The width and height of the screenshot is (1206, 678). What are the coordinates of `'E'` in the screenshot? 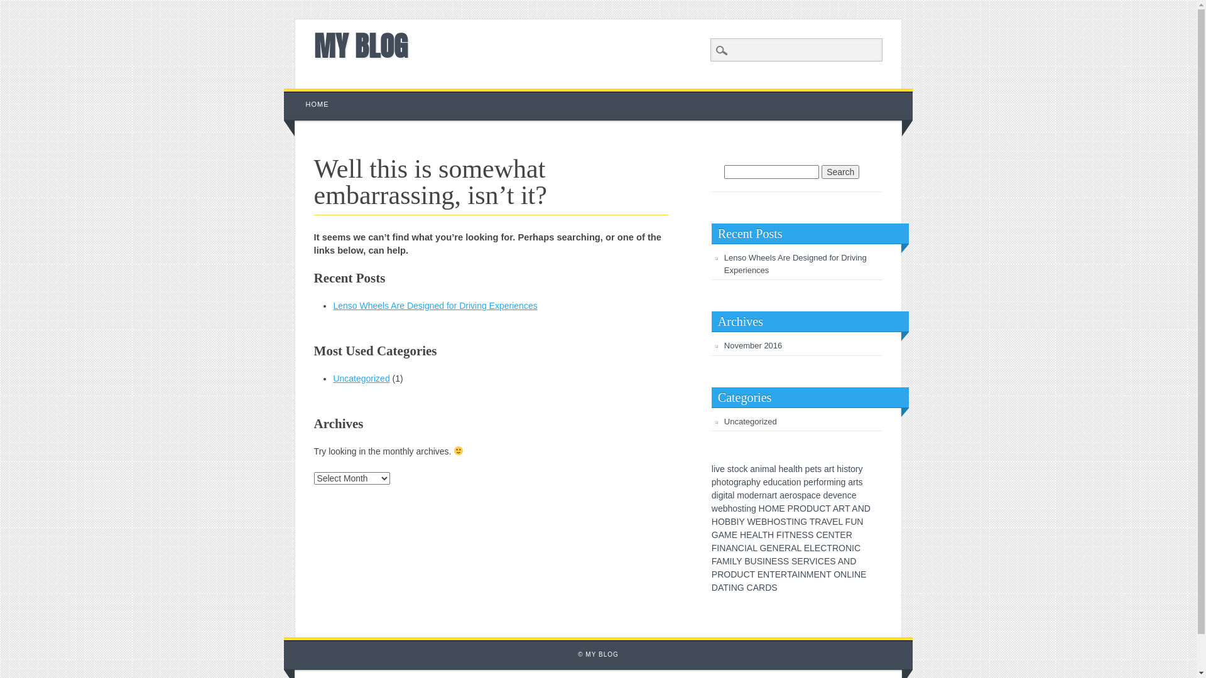 It's located at (773, 561).